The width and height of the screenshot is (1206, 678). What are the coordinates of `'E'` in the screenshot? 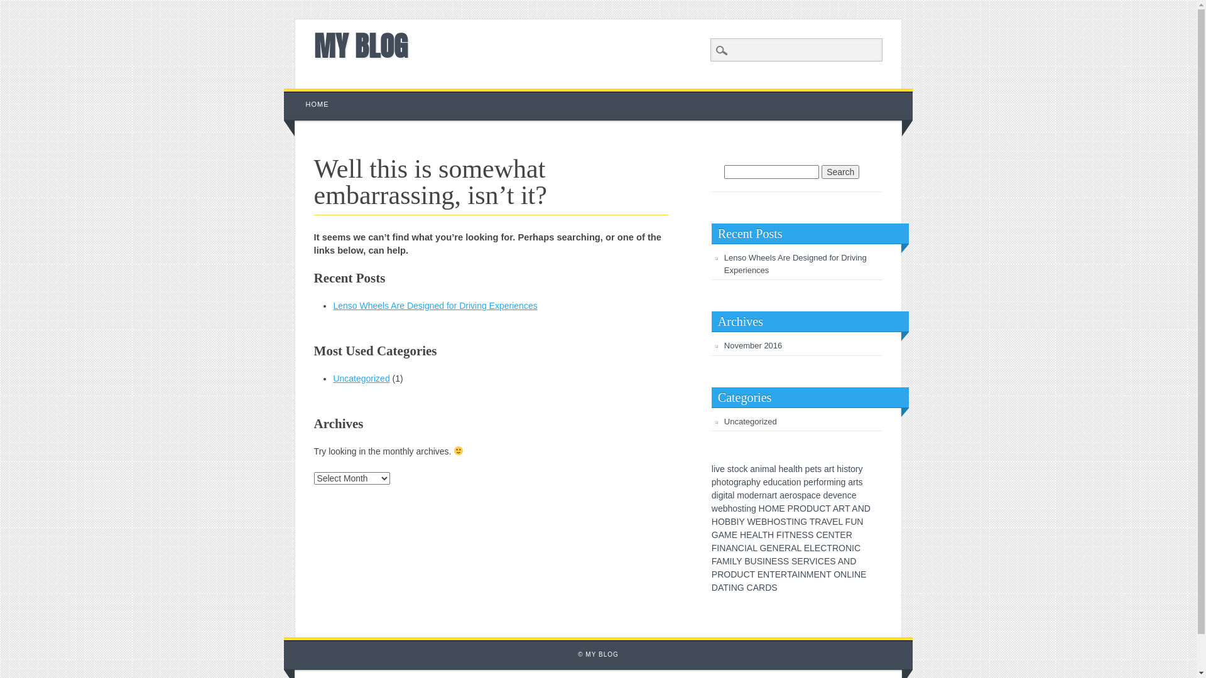 It's located at (773, 561).